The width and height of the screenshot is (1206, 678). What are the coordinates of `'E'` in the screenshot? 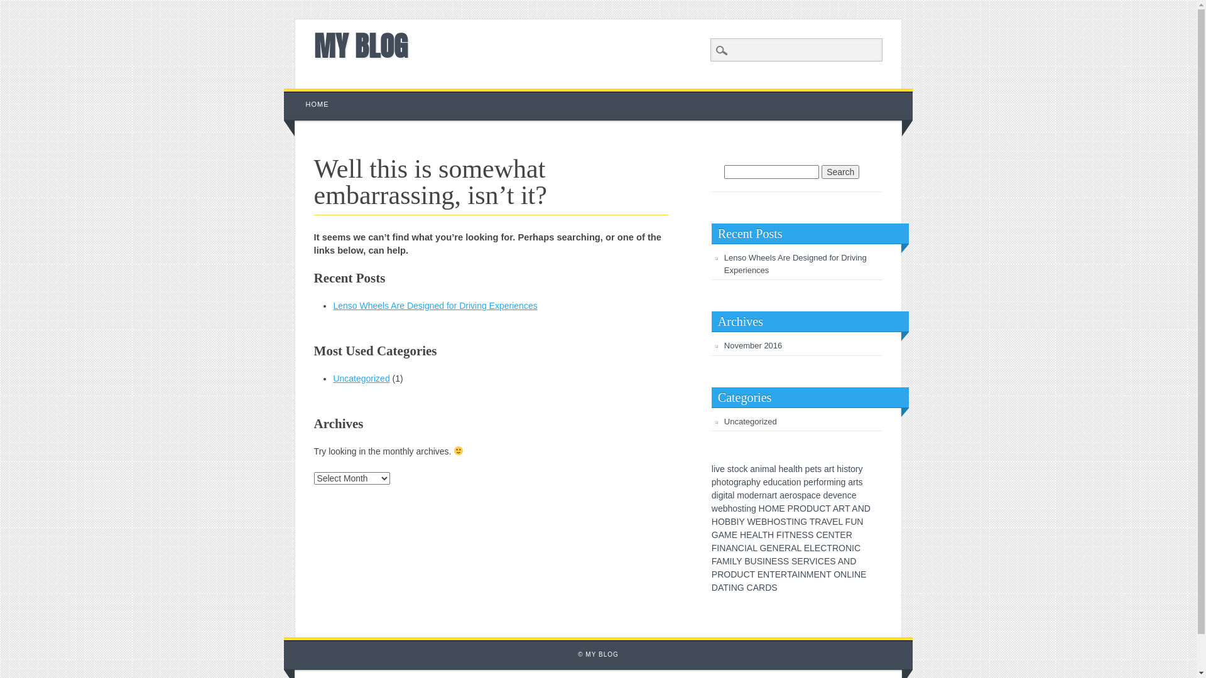 It's located at (773, 561).